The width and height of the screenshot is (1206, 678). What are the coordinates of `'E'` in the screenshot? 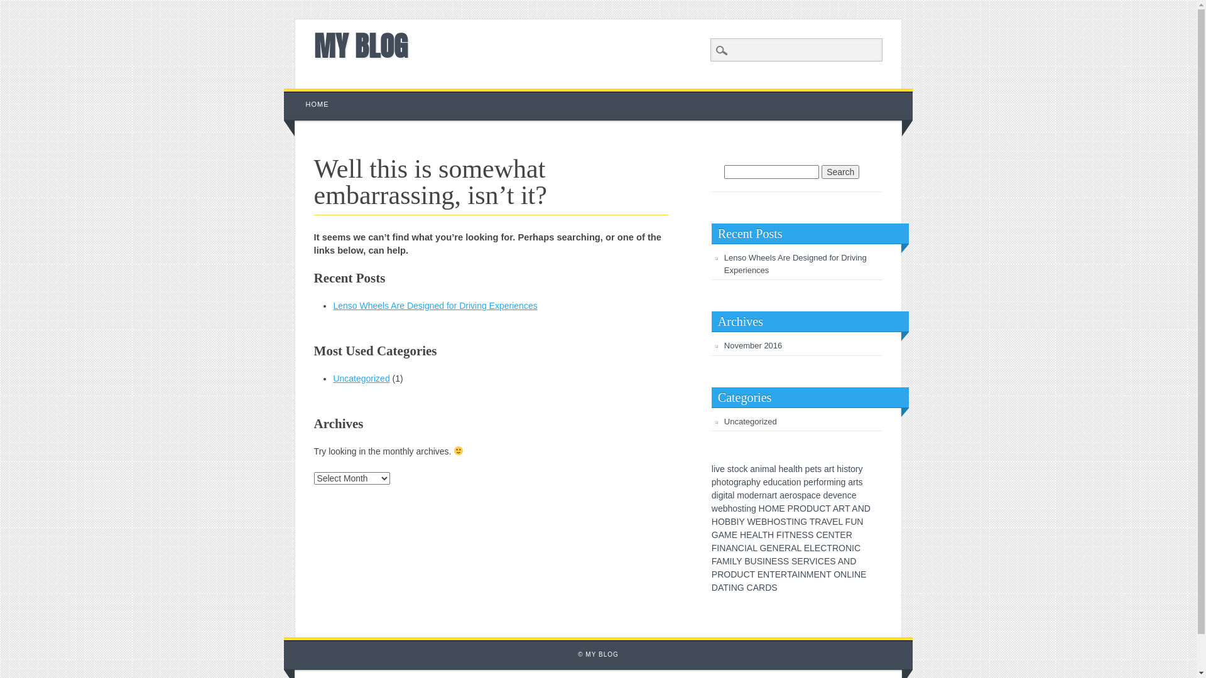 It's located at (773, 561).